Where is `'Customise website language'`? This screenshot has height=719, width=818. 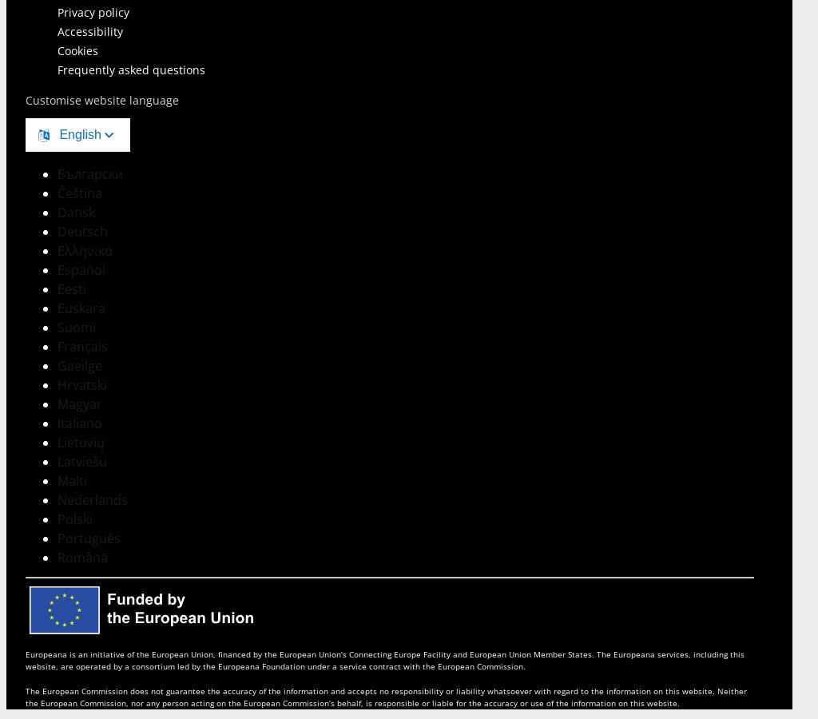
'Customise website language' is located at coordinates (102, 99).